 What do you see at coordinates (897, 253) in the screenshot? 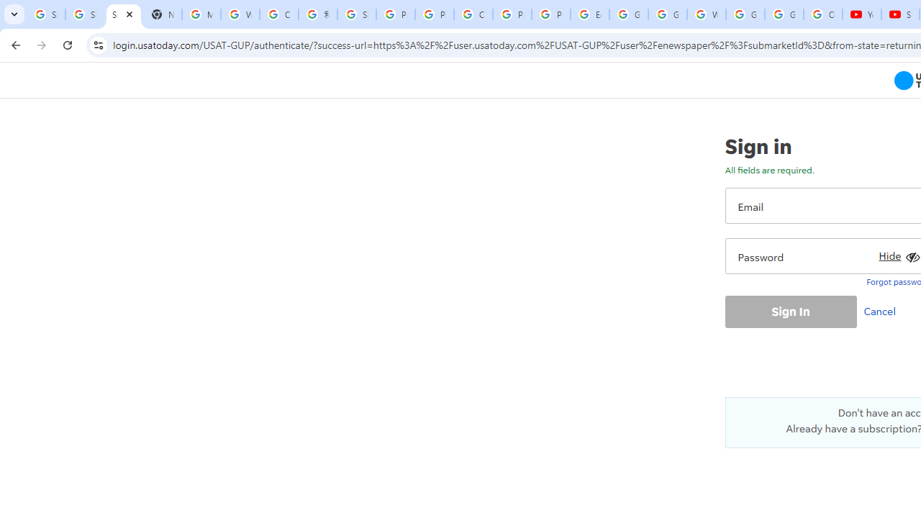
I see `'Hide'` at bounding box center [897, 253].